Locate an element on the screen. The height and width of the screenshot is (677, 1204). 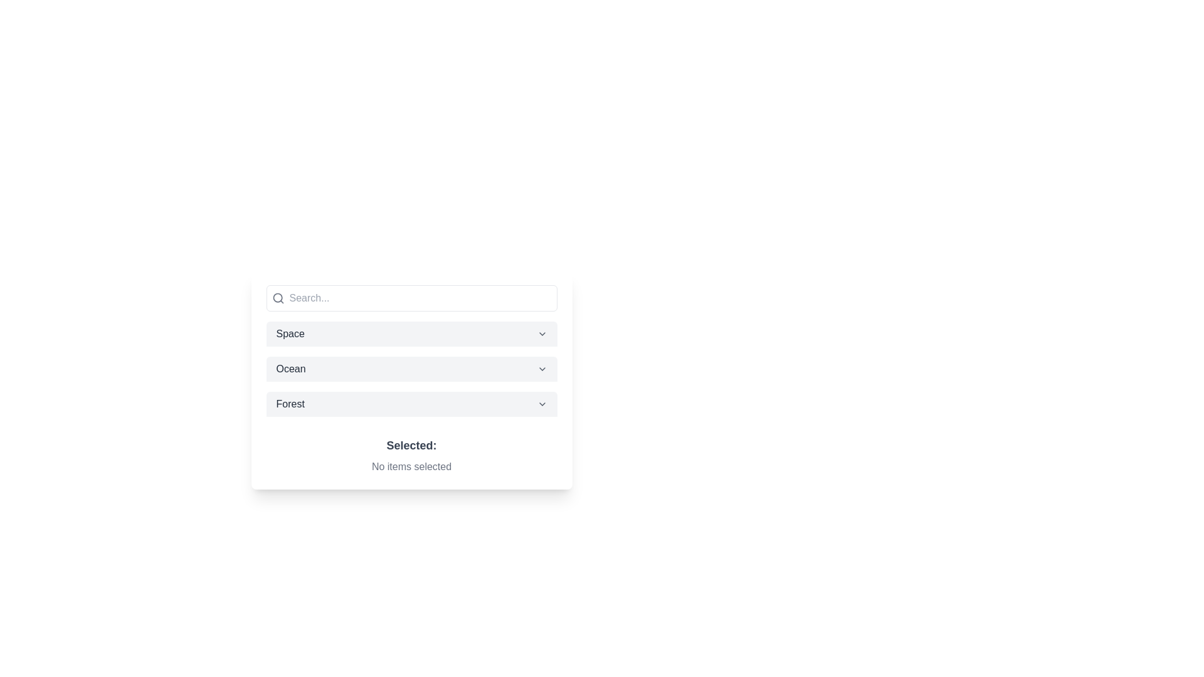
the first dropdown menu item labeled 'Space' is located at coordinates (411, 333).